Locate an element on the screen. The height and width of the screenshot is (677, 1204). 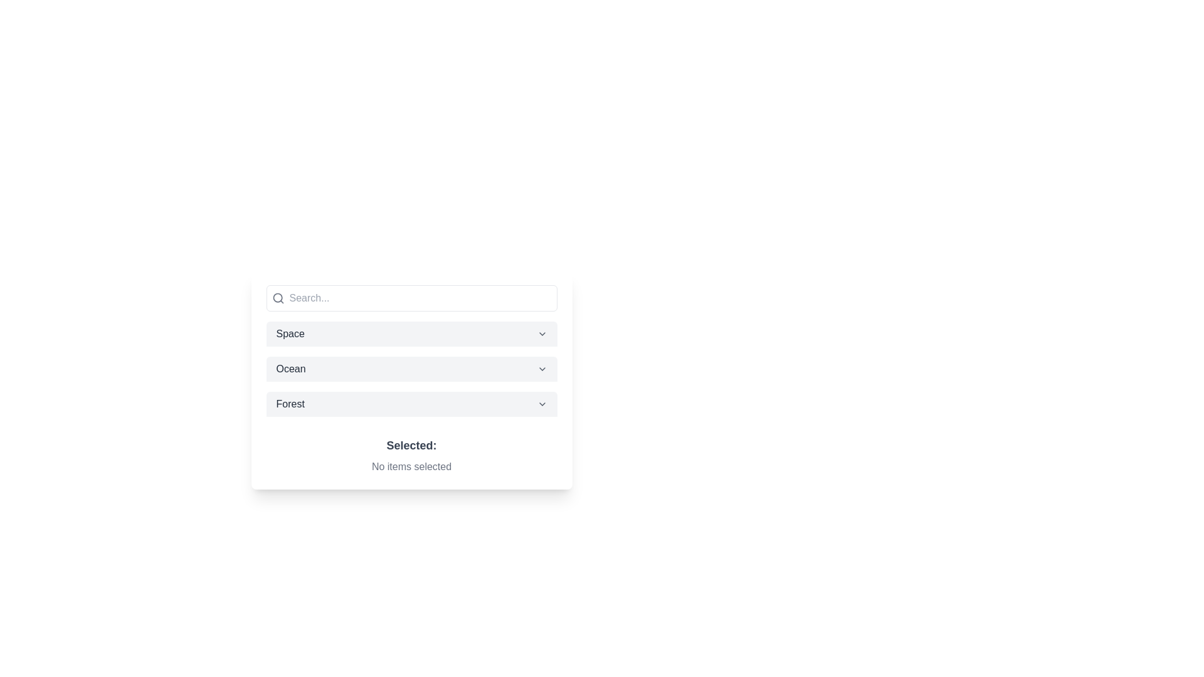
the first dropdown menu item labeled 'Space' is located at coordinates (411, 333).